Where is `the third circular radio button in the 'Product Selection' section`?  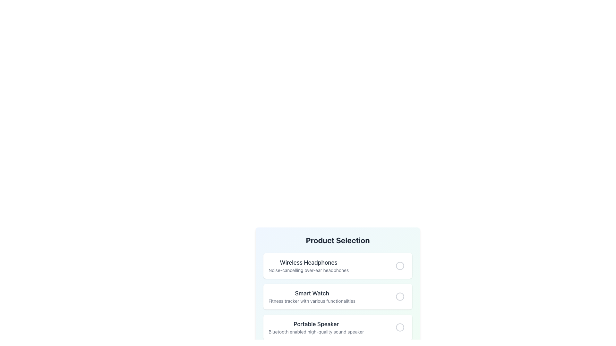 the third circular radio button in the 'Product Selection' section is located at coordinates (400, 327).